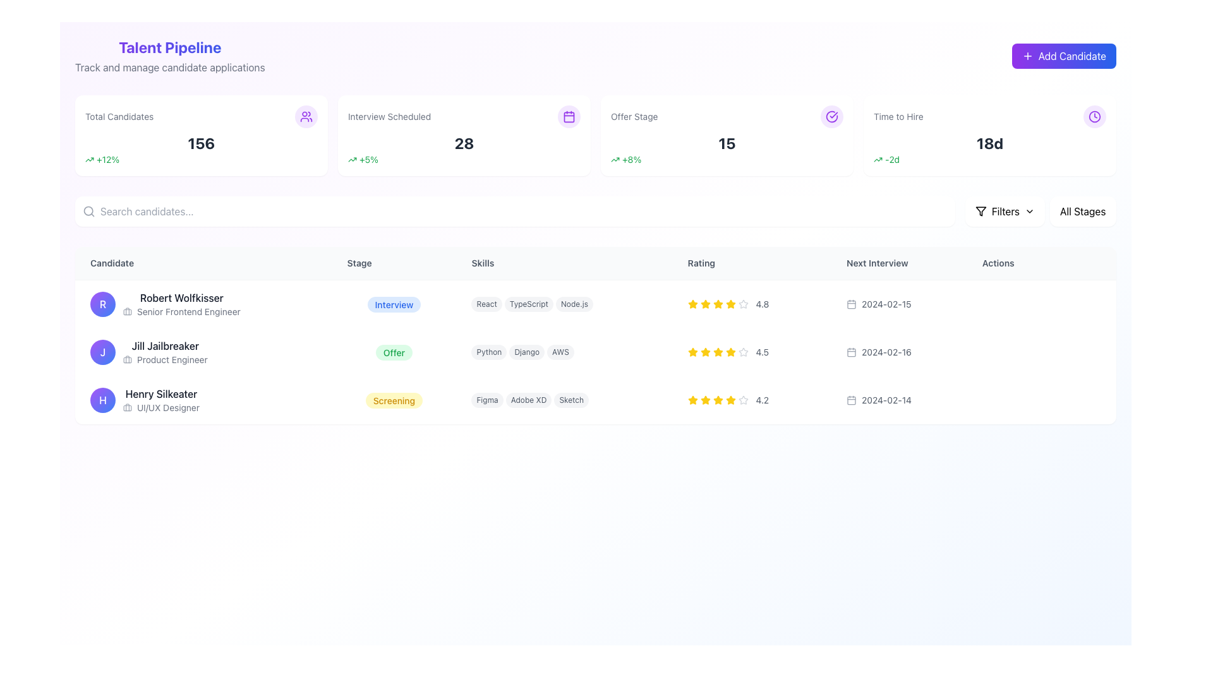 This screenshot has height=682, width=1213. What do you see at coordinates (160, 407) in the screenshot?
I see `text from the Label with an icon component indicating the job title or role associated with Henry Silkeater, which is positioned below his name and to the left, alongside a briefcase icon` at bounding box center [160, 407].